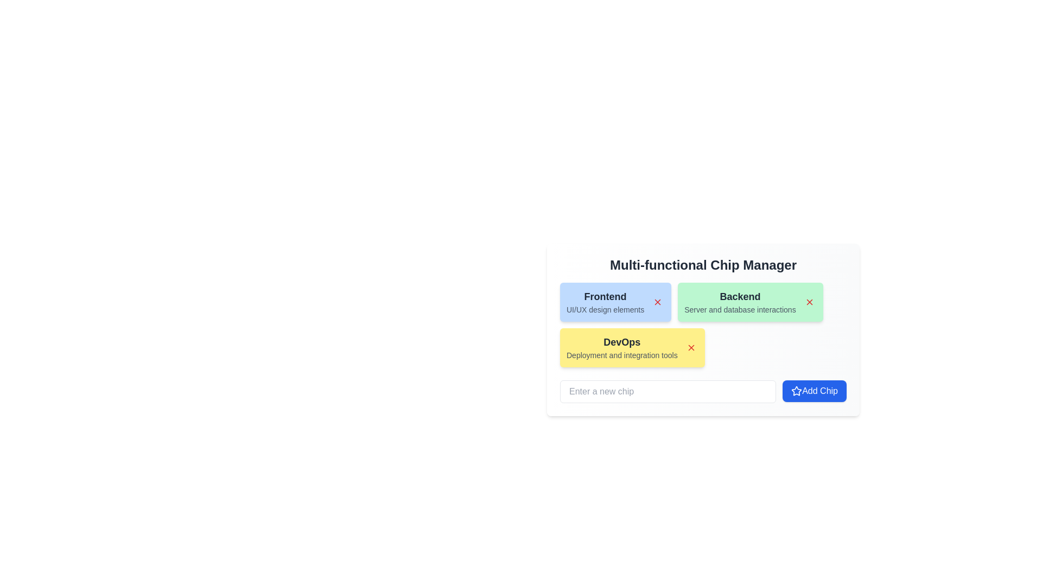 This screenshot has height=586, width=1042. What do you see at coordinates (690, 347) in the screenshot?
I see `the close or cancel button represented by a small red 'X' icon located at the top-right corner of the 'DevOps' chip in the chip manager section` at bounding box center [690, 347].